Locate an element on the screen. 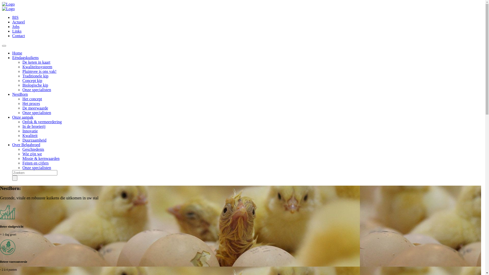 Image resolution: width=489 pixels, height=275 pixels. 'Feiten en cijfers' is located at coordinates (35, 163).